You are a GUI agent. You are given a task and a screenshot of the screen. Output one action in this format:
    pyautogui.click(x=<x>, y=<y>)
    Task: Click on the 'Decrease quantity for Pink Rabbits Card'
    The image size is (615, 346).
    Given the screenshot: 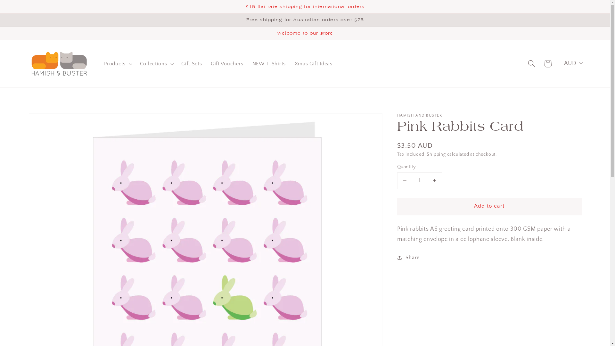 What is the action you would take?
    pyautogui.click(x=404, y=180)
    